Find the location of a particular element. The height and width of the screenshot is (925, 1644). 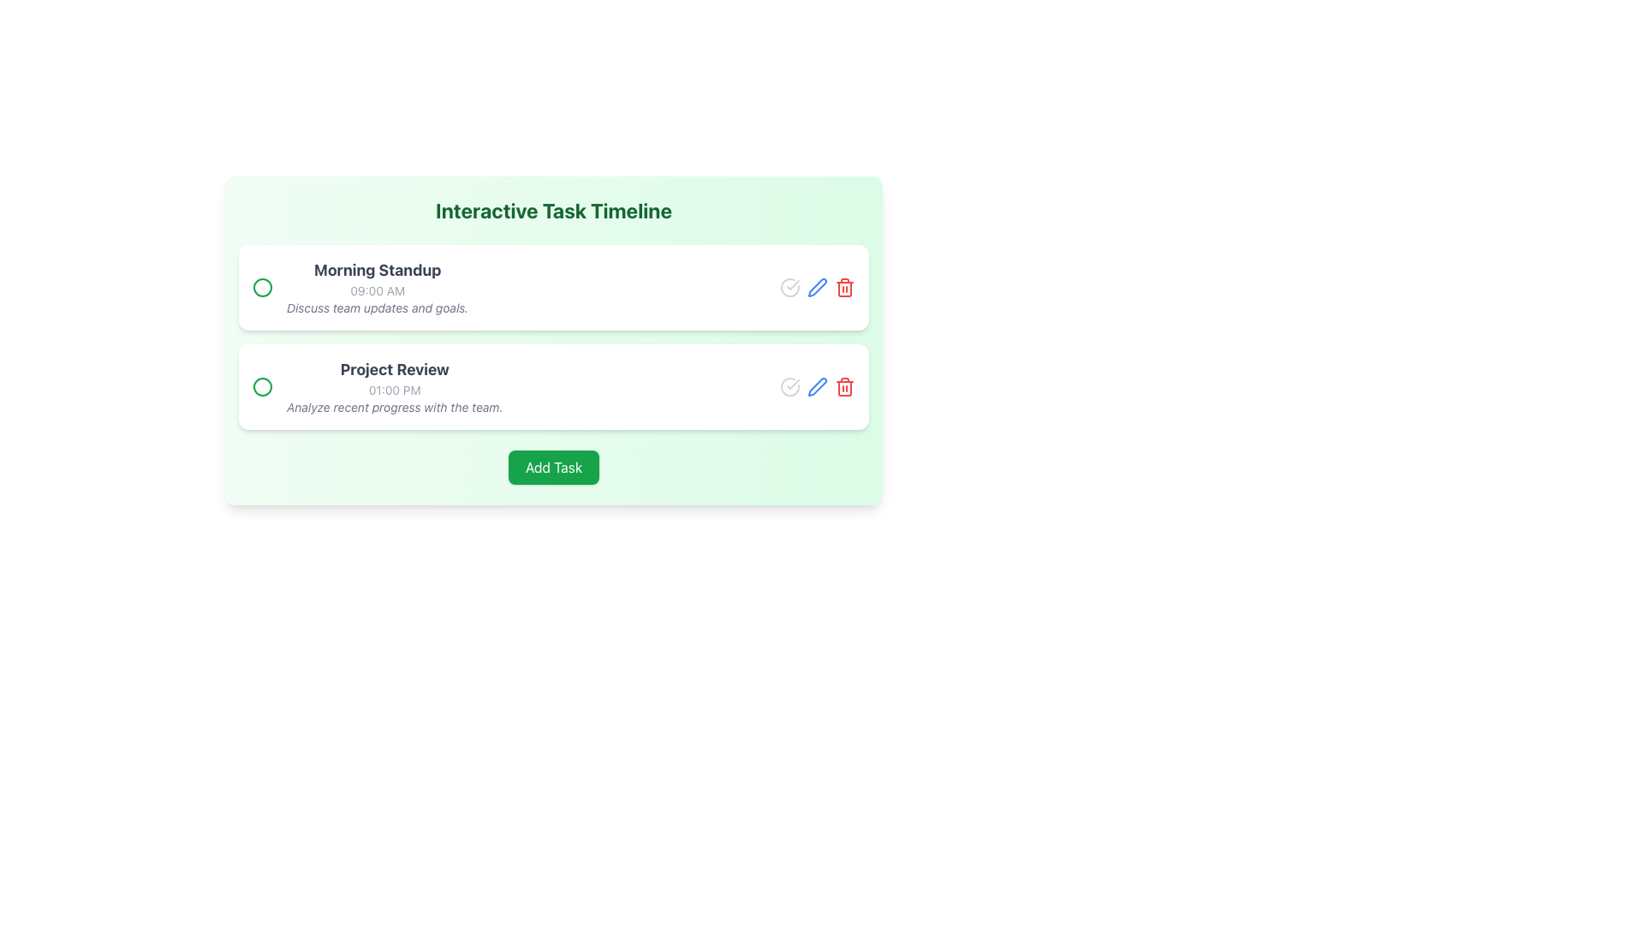

the header element displaying 'Morning Standup' is located at coordinates (377, 270).